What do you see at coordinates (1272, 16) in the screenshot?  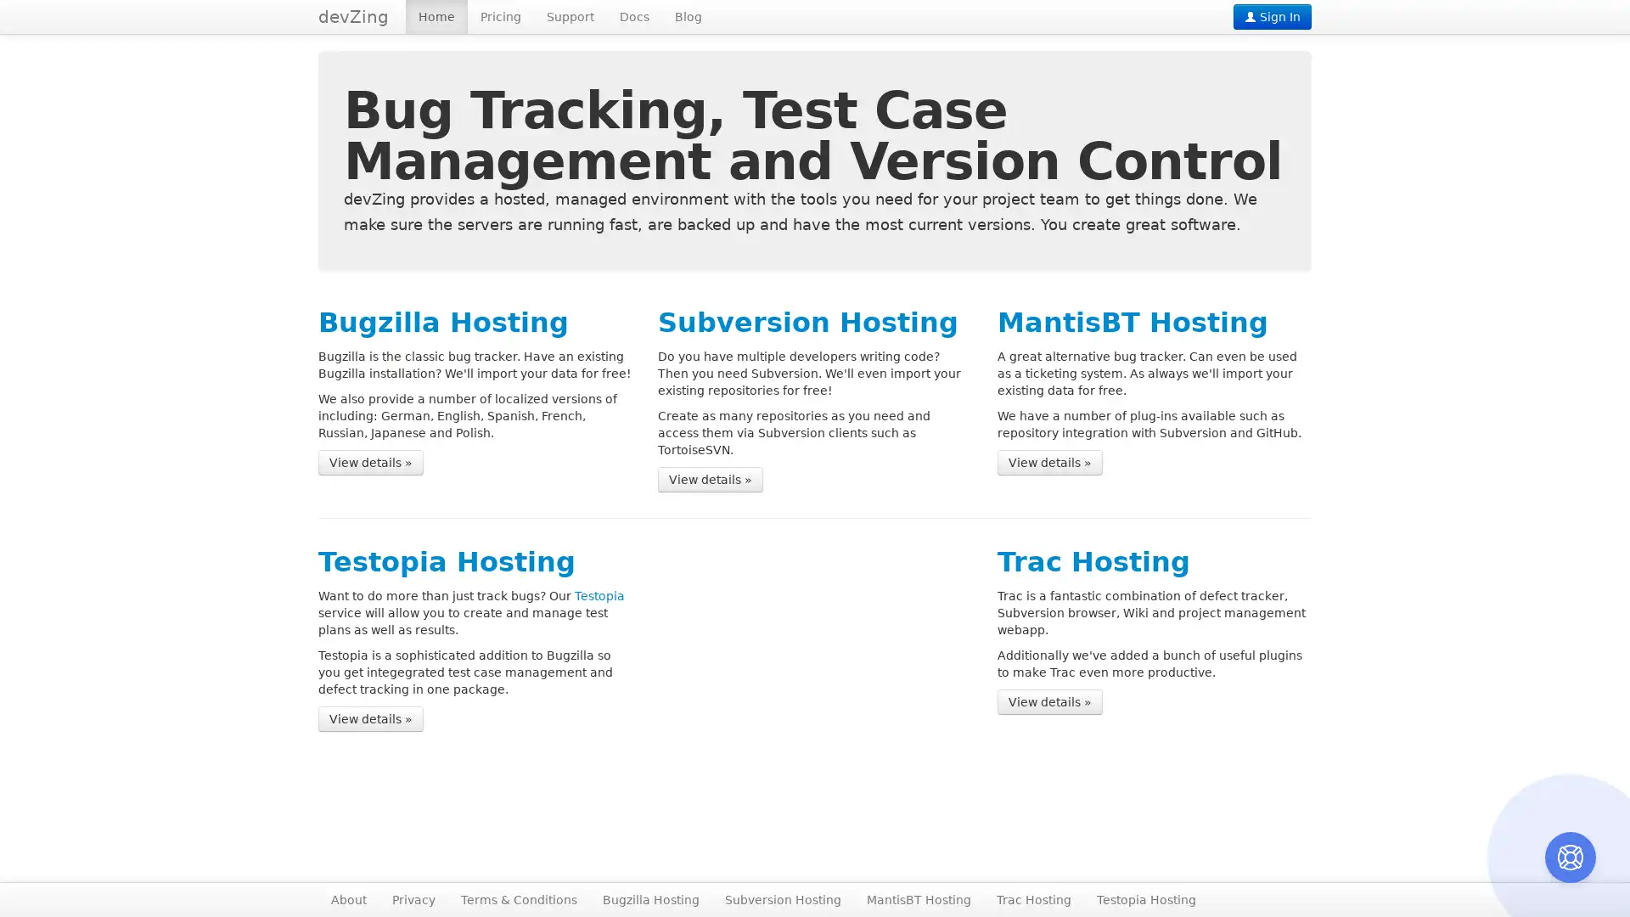 I see `Sign In` at bounding box center [1272, 16].